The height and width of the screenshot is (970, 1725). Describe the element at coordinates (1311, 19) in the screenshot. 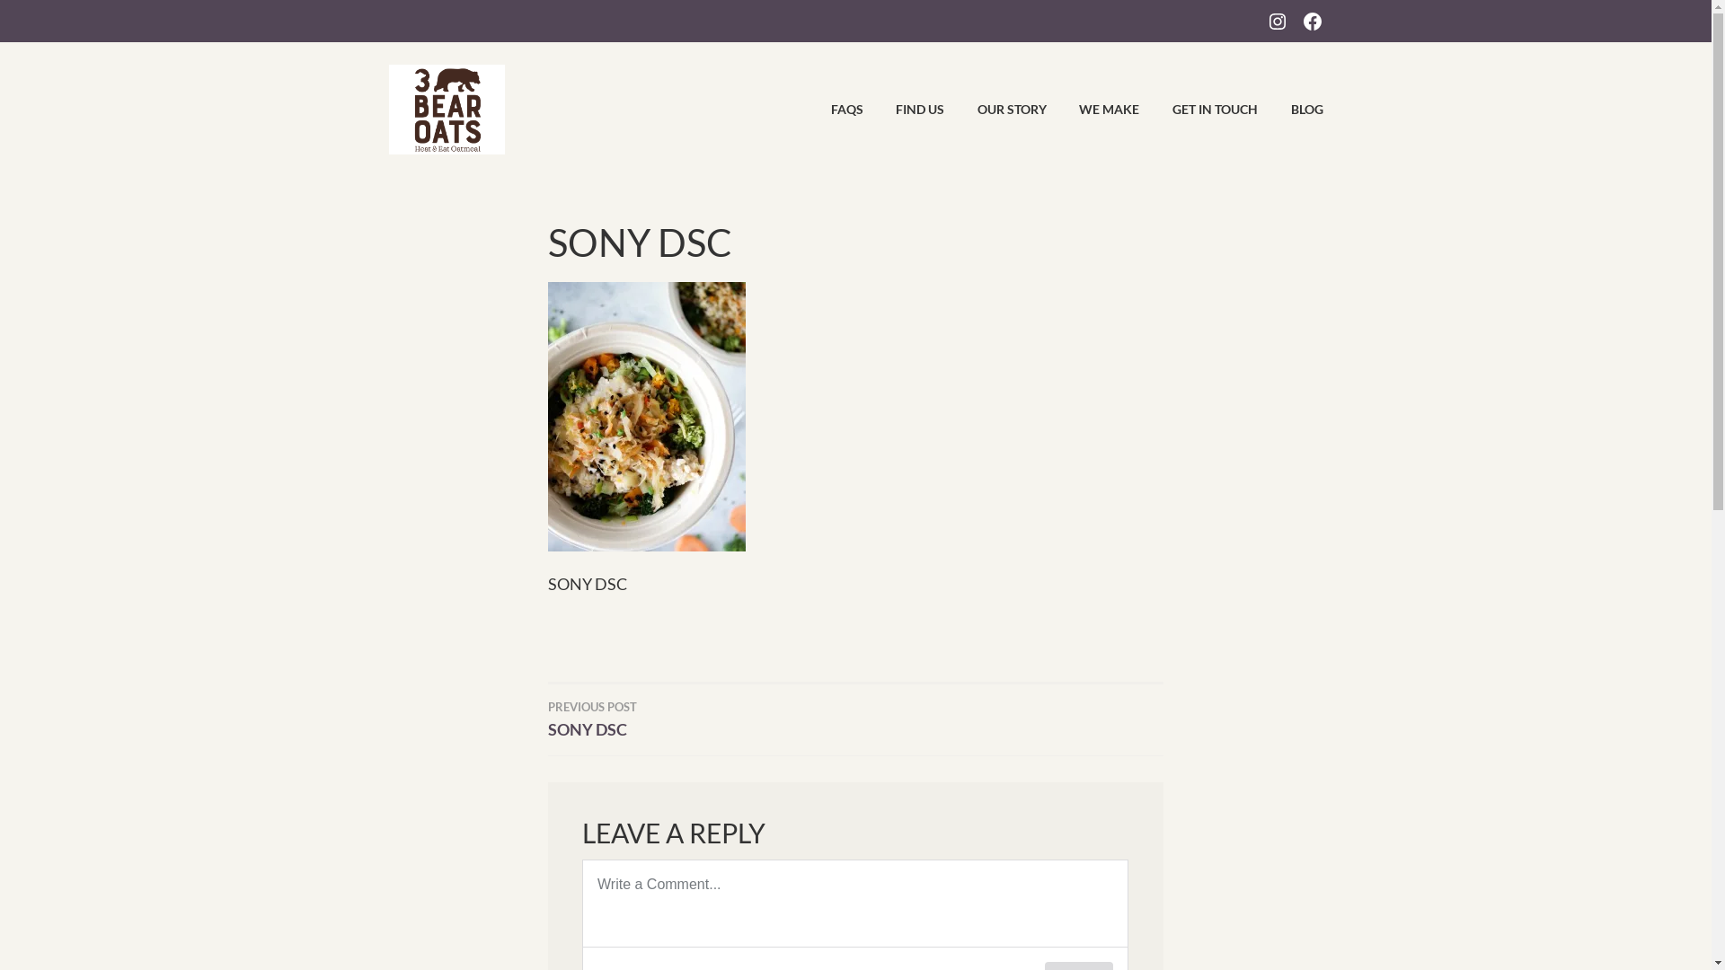

I see `'FACEBOOK'` at that location.